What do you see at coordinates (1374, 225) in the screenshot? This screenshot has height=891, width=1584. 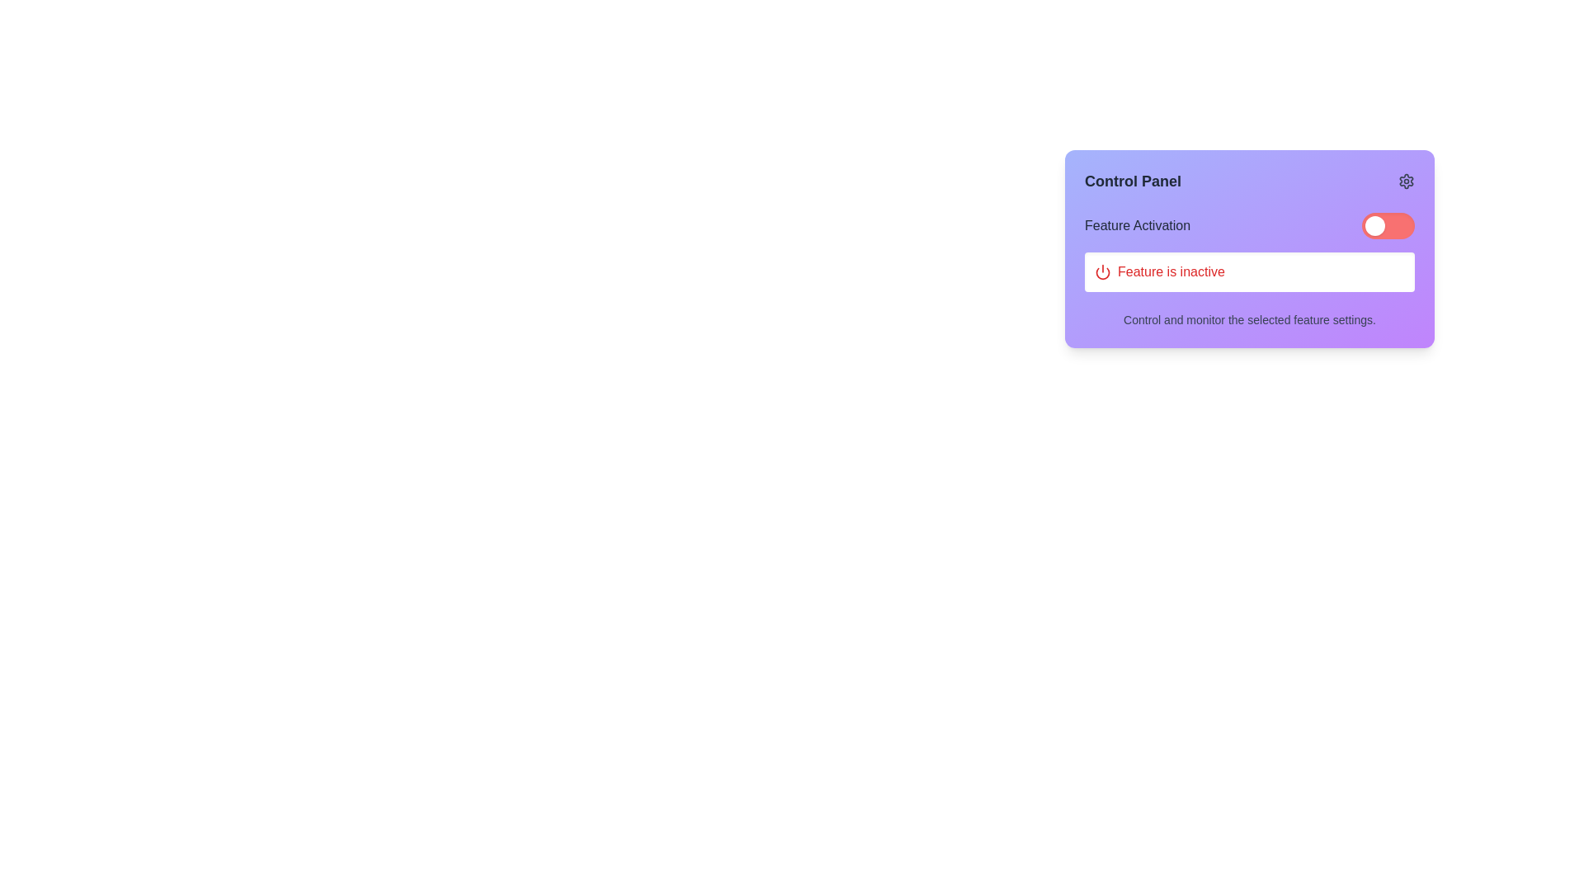 I see `the circular toggle knob, which is located at the far left of the toggle switch with a red background` at bounding box center [1374, 225].